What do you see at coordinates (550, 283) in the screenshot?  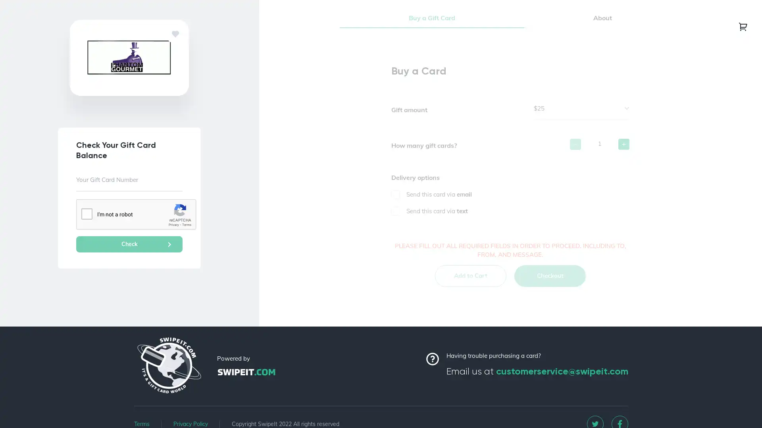 I see `Checkout` at bounding box center [550, 283].